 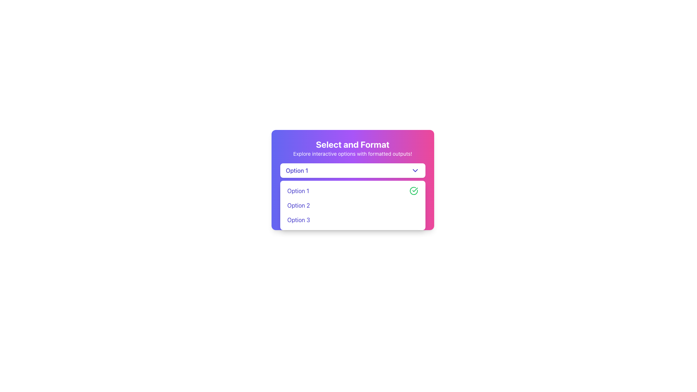 I want to click on the Static Text Label displaying the message 'Explore interactive options with formatted outputs!' which is positioned below the header 'Select and Format', so click(x=352, y=154).